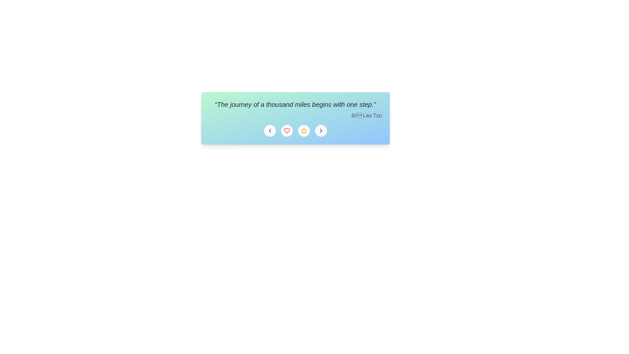  What do you see at coordinates (270, 130) in the screenshot?
I see `the leftward pointing chevron icon within the first circular button in a row of four buttons, located below the quote text area` at bounding box center [270, 130].